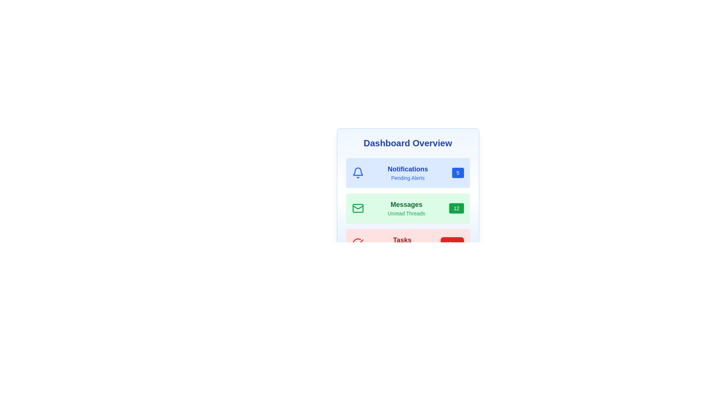 This screenshot has width=711, height=399. I want to click on the unread threads badge in the Messages section of the dashboard, which indicates the number of unread messages, located to the far right adjacent to the text 'Unread Threads', so click(456, 208).